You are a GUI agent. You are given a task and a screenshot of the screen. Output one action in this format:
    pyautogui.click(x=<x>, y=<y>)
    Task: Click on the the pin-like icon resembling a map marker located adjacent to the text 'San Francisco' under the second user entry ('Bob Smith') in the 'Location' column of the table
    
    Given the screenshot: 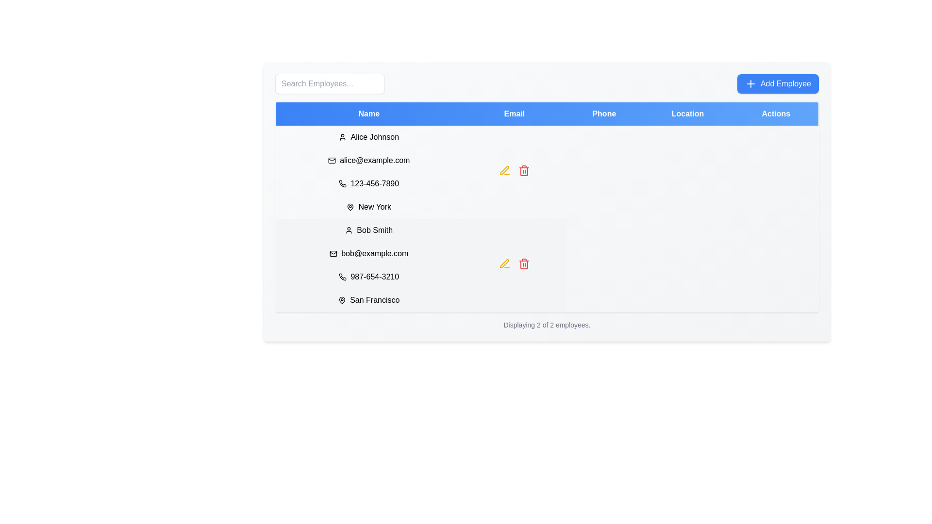 What is the action you would take?
    pyautogui.click(x=342, y=299)
    